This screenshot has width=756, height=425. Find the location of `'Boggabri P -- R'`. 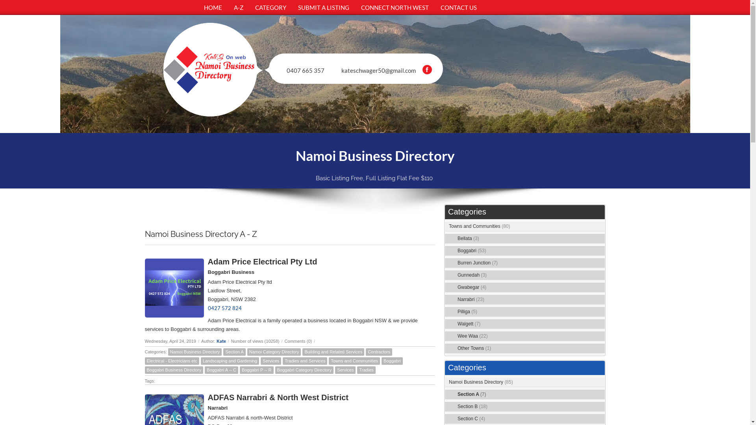

'Boggabri P -- R' is located at coordinates (257, 370).